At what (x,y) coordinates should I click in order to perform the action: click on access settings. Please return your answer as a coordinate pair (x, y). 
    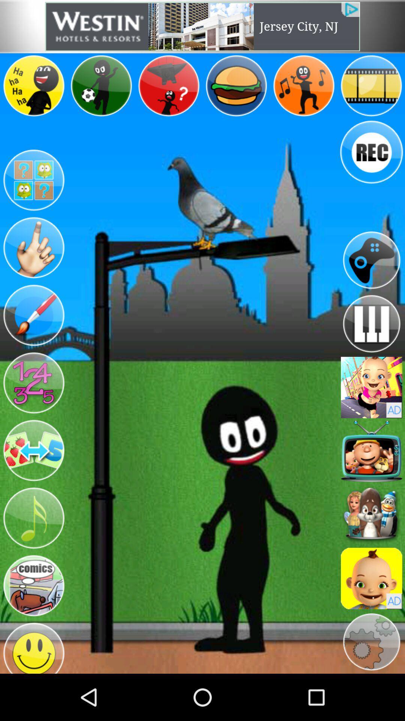
    Looking at the image, I should click on (371, 641).